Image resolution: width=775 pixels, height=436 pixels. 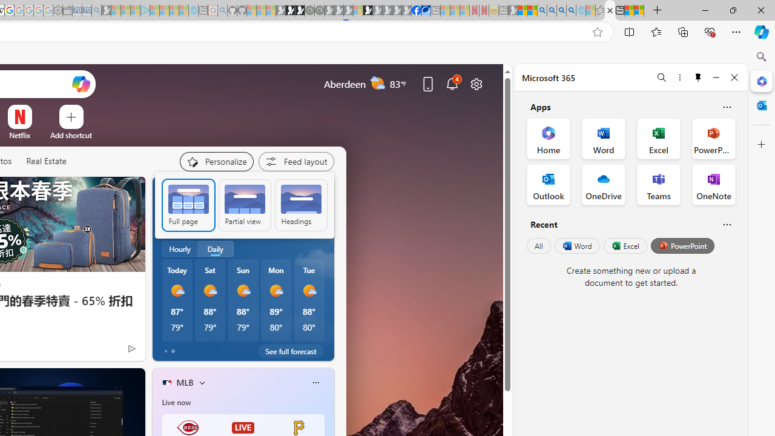 I want to click on 'Outlook Office App', so click(x=548, y=184).